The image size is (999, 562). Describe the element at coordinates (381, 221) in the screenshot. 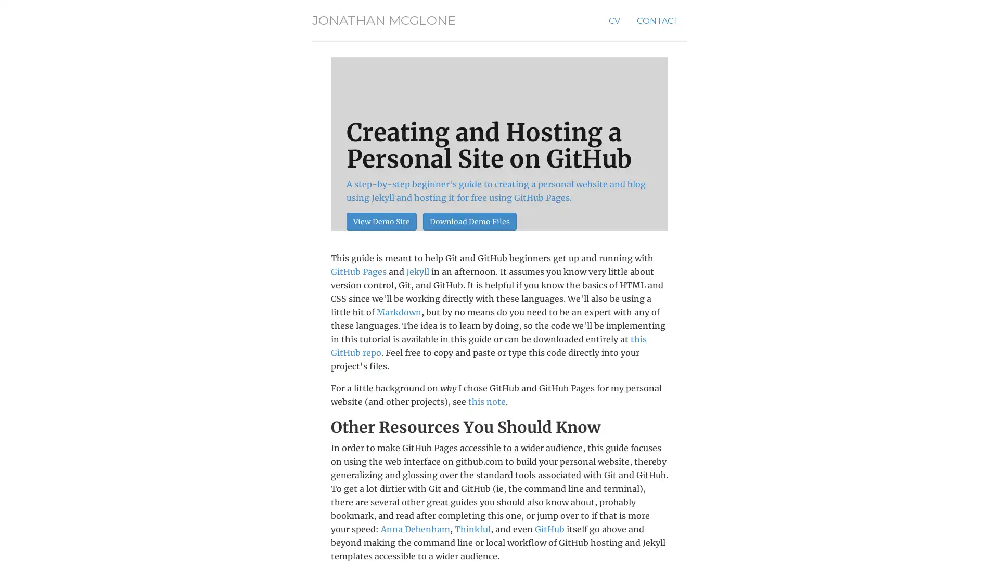

I see `View Demo Site` at that location.